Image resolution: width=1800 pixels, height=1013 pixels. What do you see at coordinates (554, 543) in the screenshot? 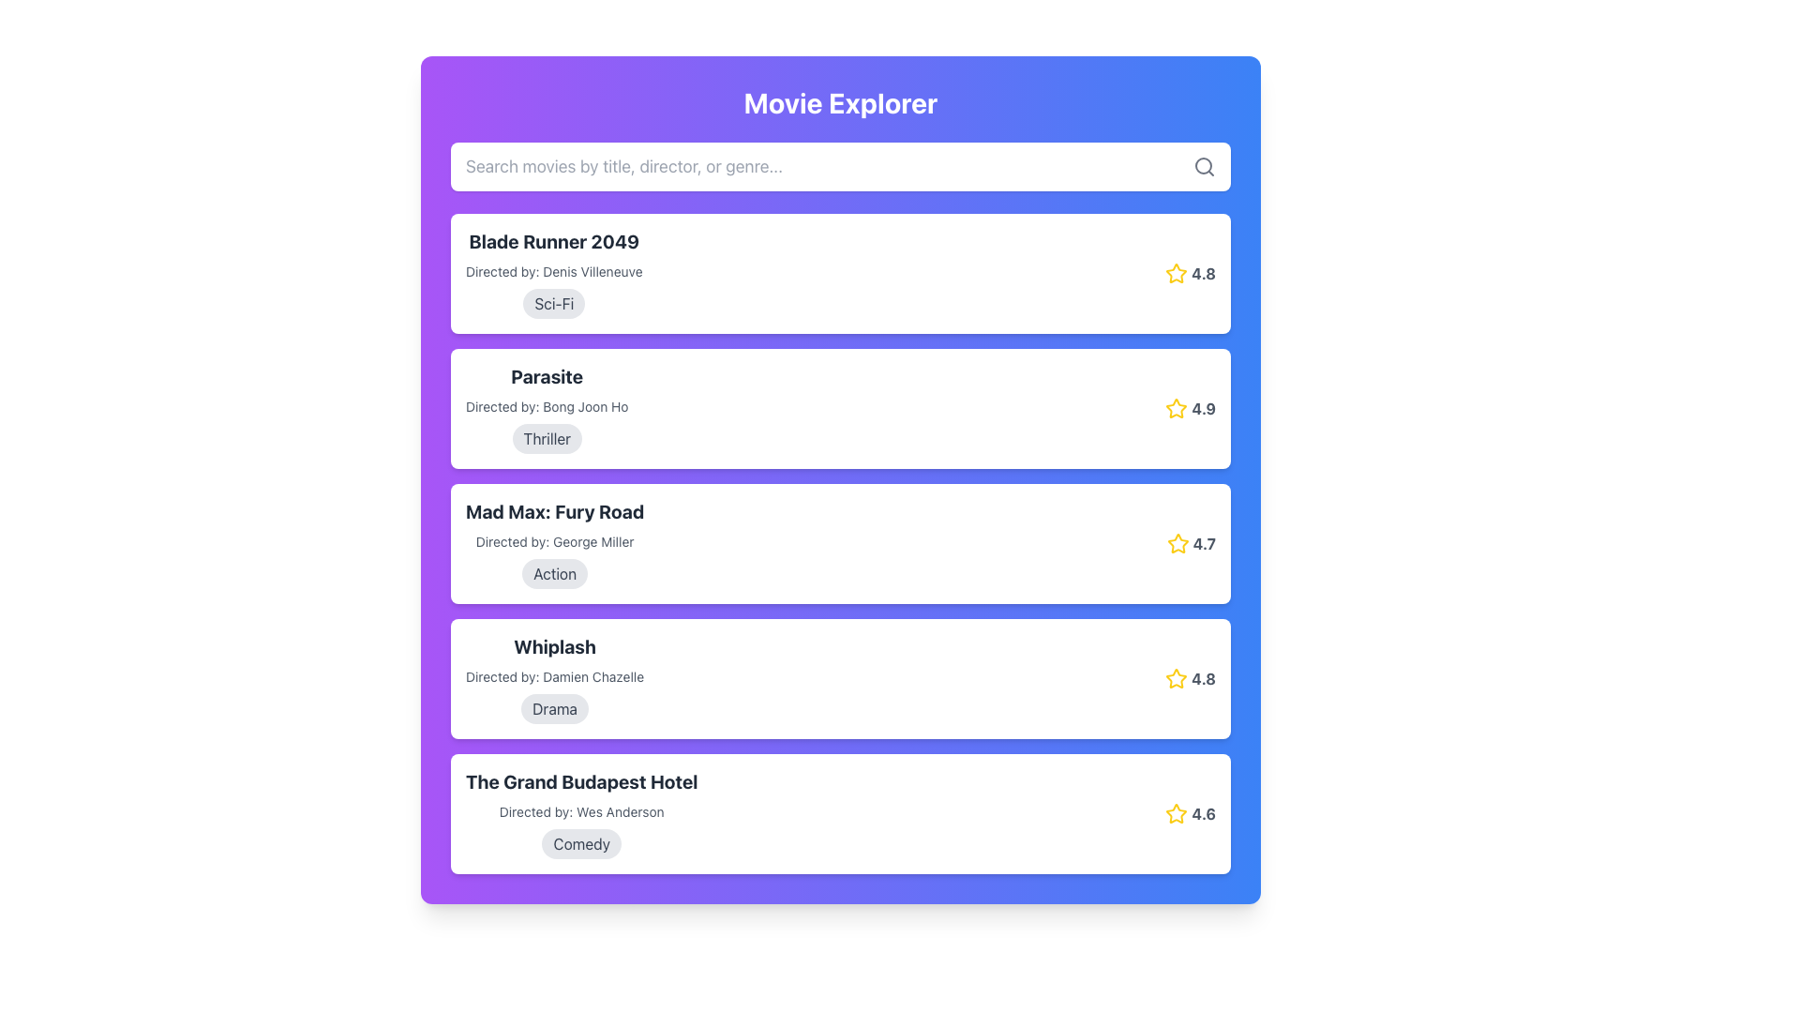
I see `the text block providing information about a specific movie, which is the third item in a vertical list of movie summaries` at bounding box center [554, 543].